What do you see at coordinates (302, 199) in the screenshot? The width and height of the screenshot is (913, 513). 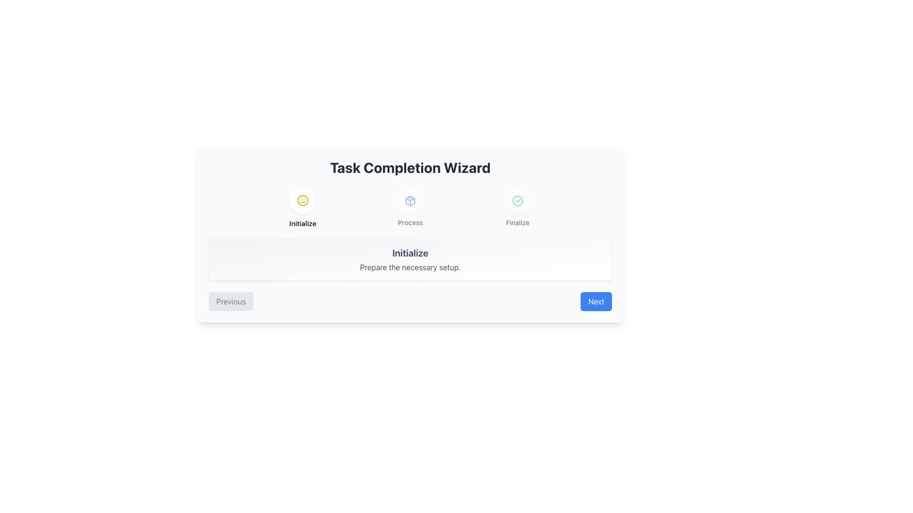 I see `the circular emoji-like icon with a smiley face labeled 'Initialize' under the 'Task Completion Wizard' section` at bounding box center [302, 199].